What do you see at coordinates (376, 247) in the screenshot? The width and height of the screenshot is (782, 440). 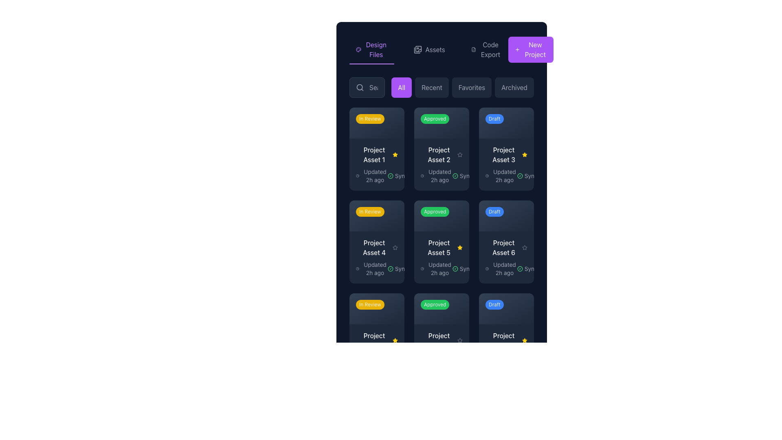 I see `the Text label in the card for 'Project Asset 4' located in the second row, first column of the grid layout` at bounding box center [376, 247].